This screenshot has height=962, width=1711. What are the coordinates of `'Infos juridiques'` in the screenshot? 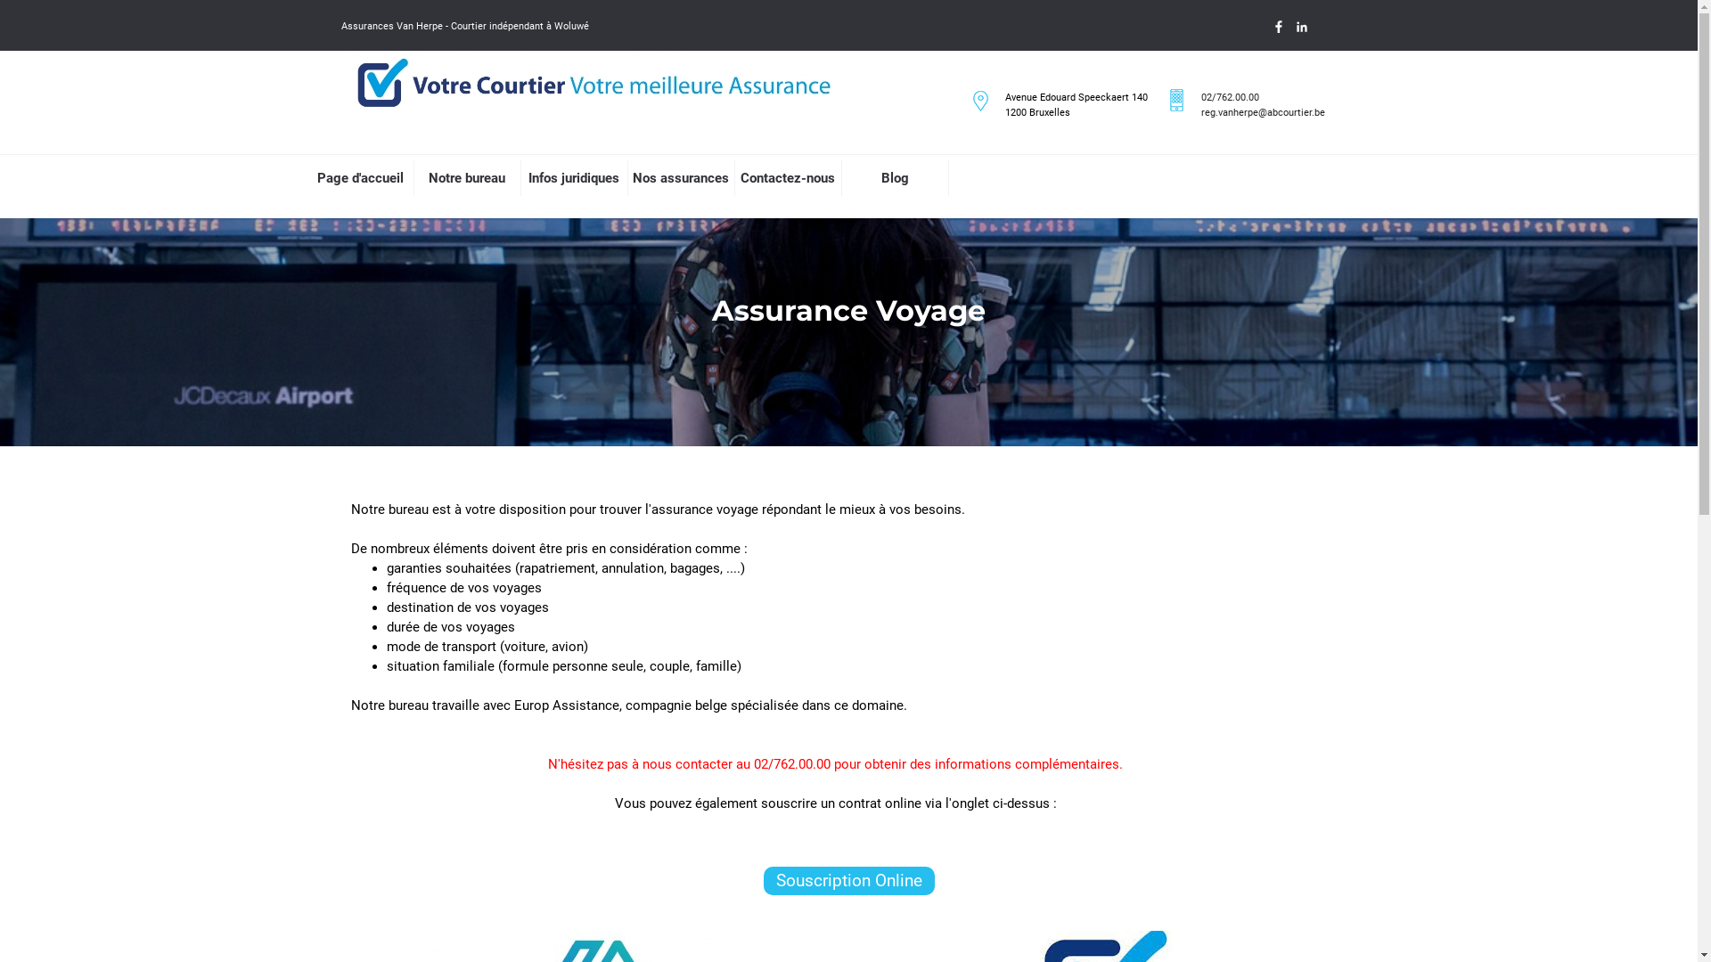 It's located at (573, 178).